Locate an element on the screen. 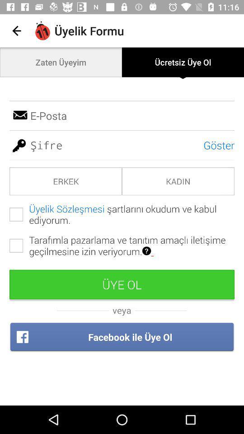  erkek is located at coordinates (65, 181).